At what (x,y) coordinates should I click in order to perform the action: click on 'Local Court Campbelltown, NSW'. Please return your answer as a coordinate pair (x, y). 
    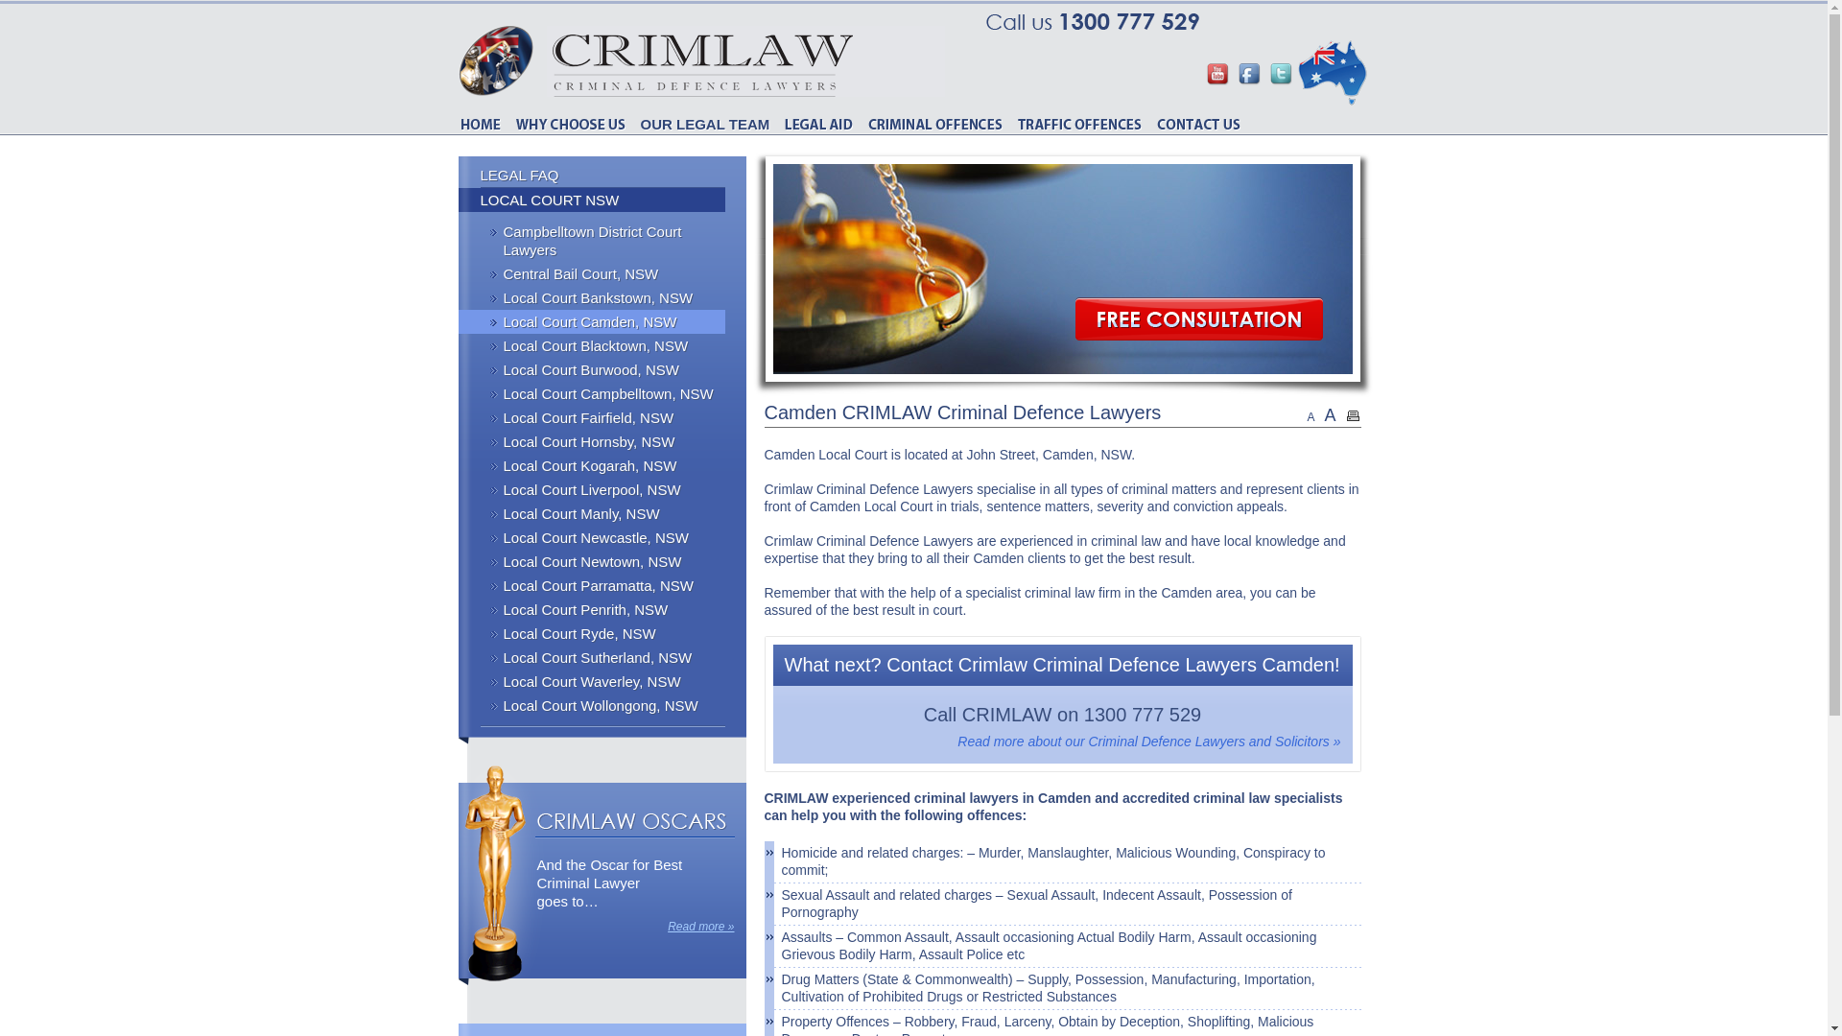
    Looking at the image, I should click on (591, 392).